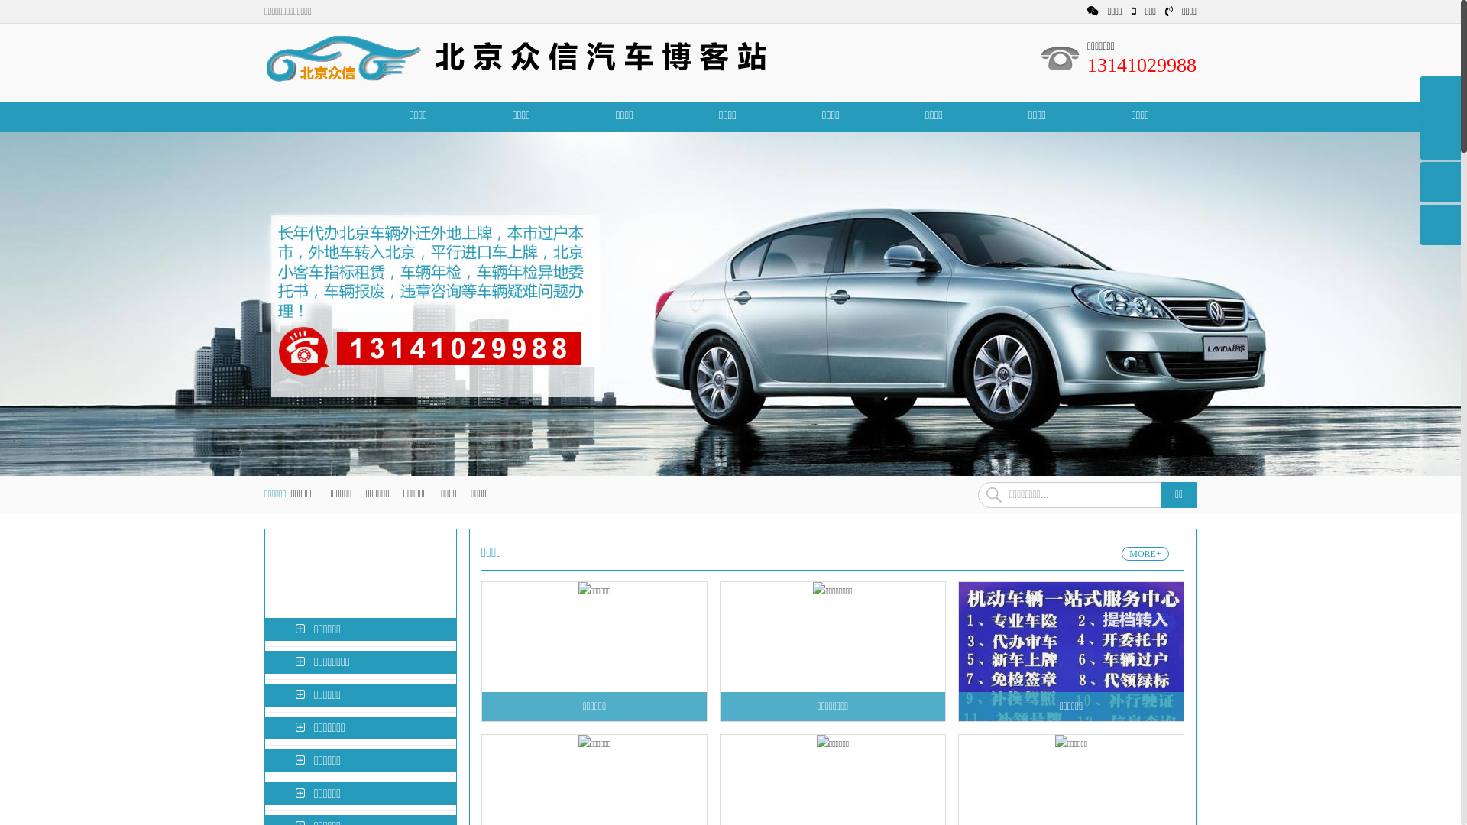 The width and height of the screenshot is (1467, 825). I want to click on 'MORE+', so click(1145, 554).